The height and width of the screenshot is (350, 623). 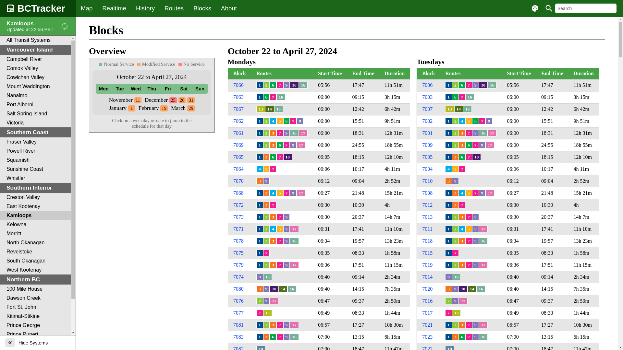 I want to click on '1', so click(x=260, y=252).